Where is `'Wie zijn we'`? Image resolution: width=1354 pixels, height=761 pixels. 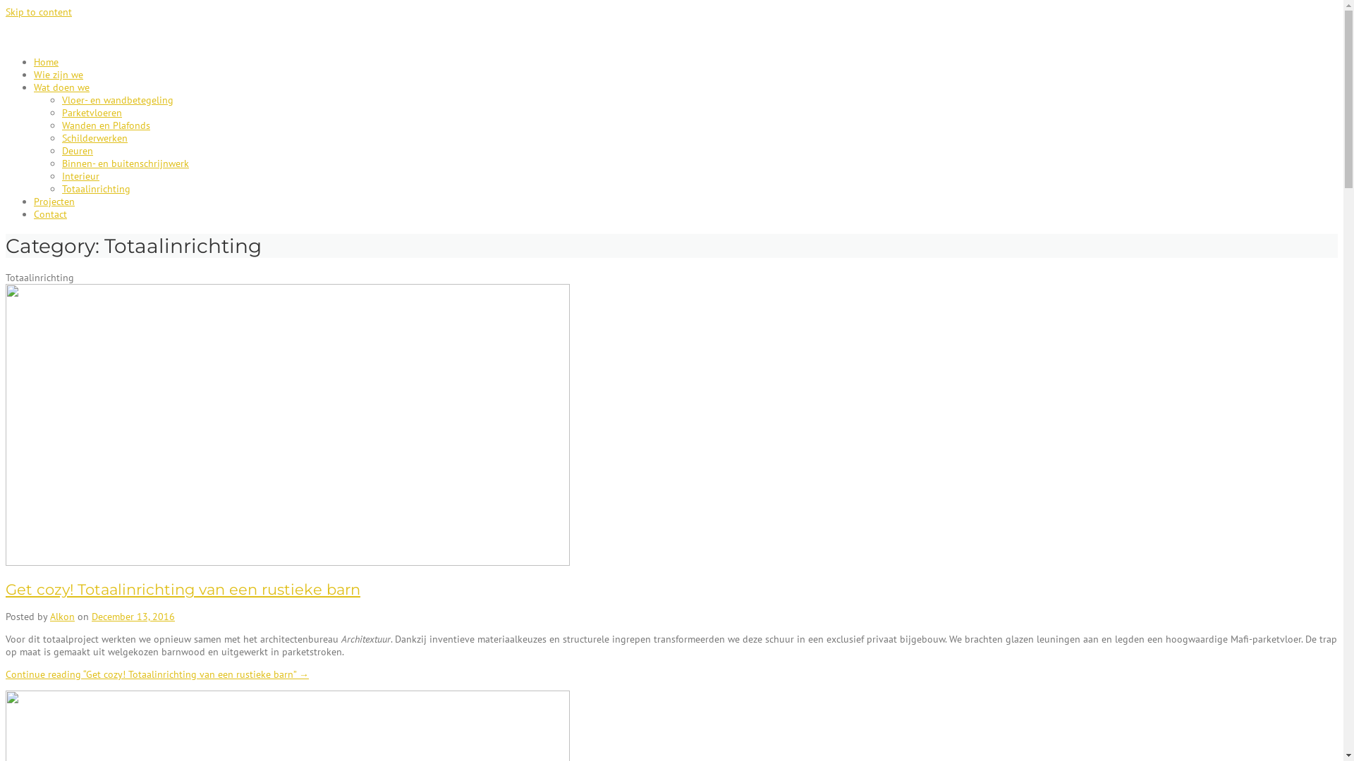
'Wie zijn we' is located at coordinates (57, 74).